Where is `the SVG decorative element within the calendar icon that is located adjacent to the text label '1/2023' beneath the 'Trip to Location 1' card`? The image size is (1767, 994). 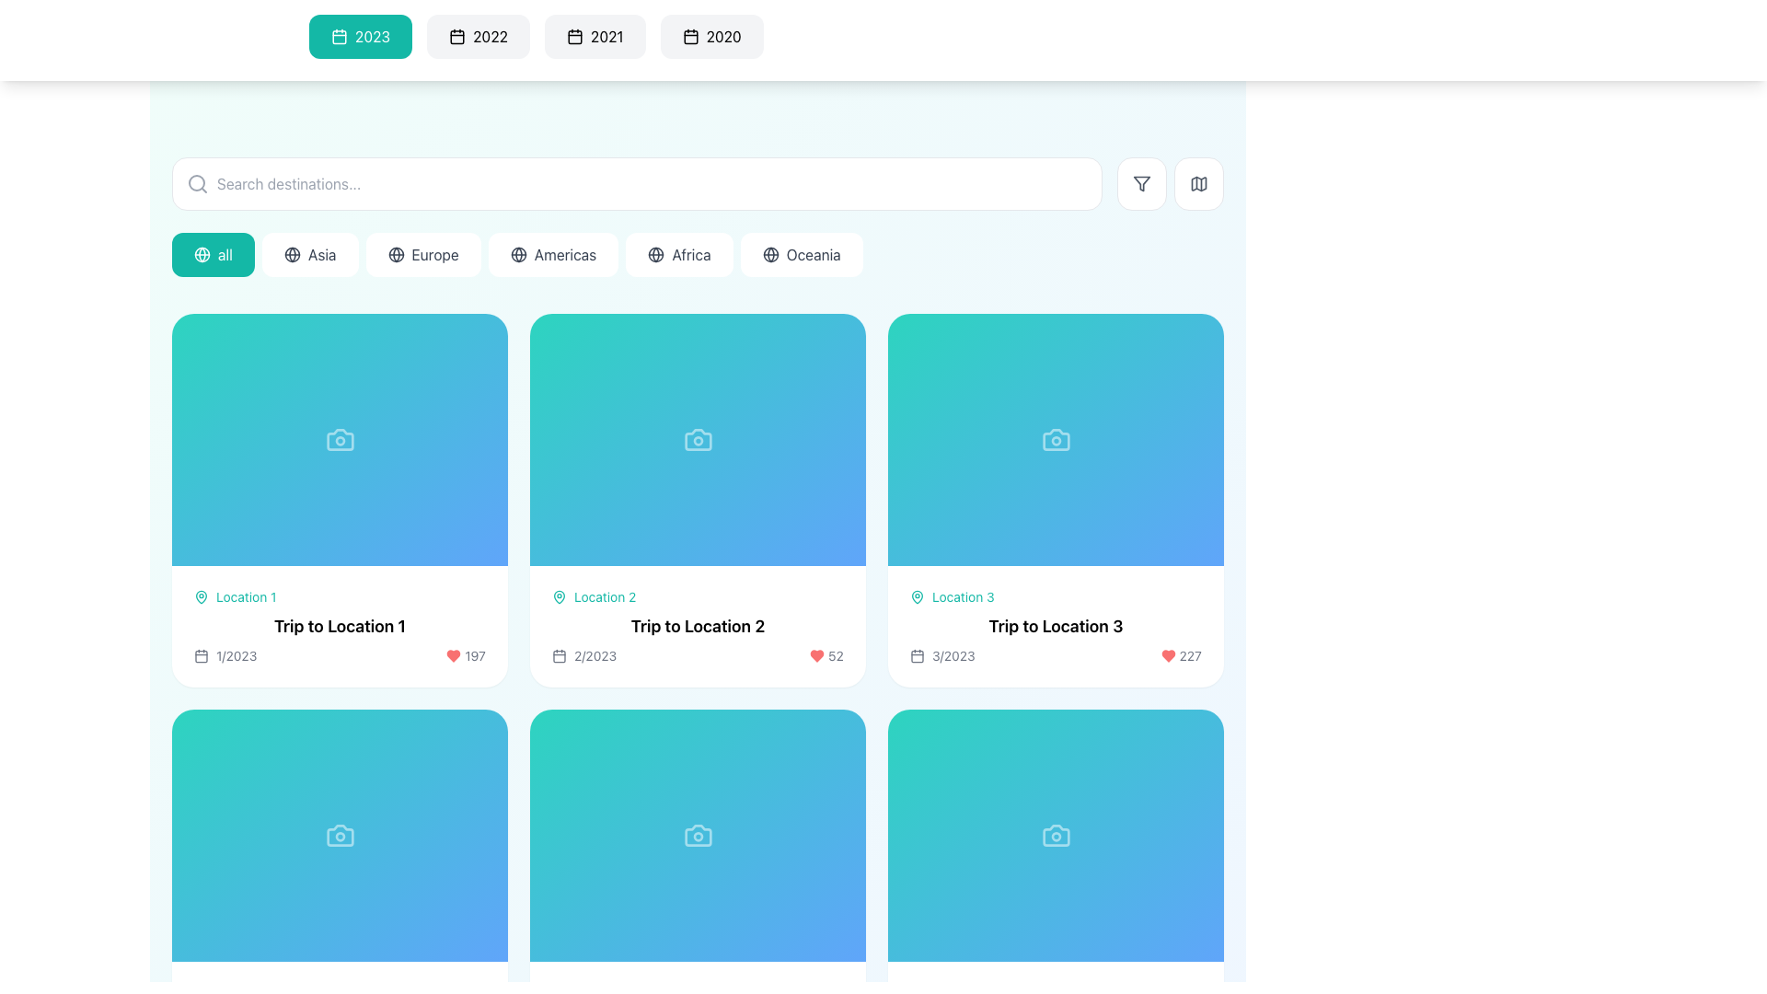
the SVG decorative element within the calendar icon that is located adjacent to the text label '1/2023' beneath the 'Trip to Location 1' card is located at coordinates (202, 655).